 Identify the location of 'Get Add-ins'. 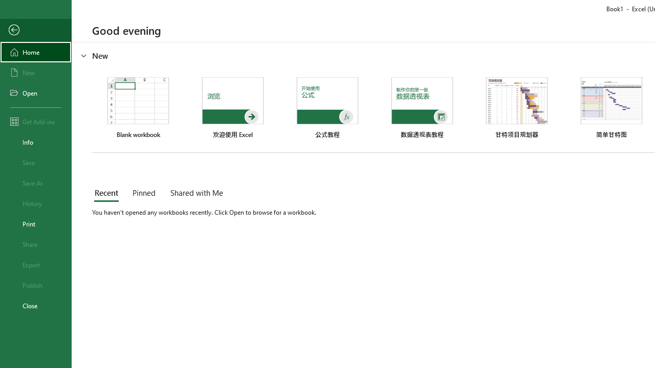
(35, 121).